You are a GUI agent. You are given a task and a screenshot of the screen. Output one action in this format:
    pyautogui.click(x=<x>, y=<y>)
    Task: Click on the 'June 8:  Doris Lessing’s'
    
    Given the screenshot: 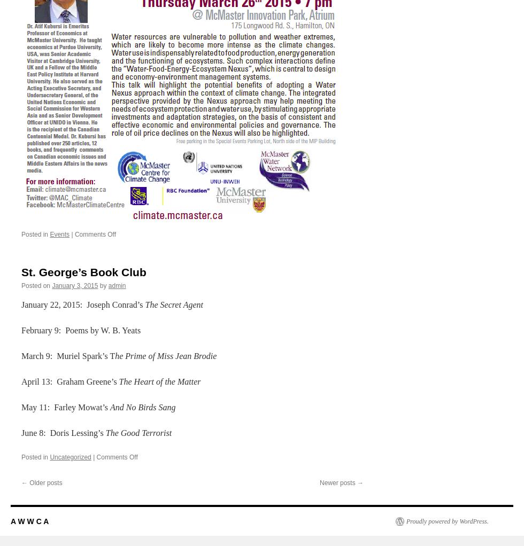 What is the action you would take?
    pyautogui.click(x=63, y=432)
    